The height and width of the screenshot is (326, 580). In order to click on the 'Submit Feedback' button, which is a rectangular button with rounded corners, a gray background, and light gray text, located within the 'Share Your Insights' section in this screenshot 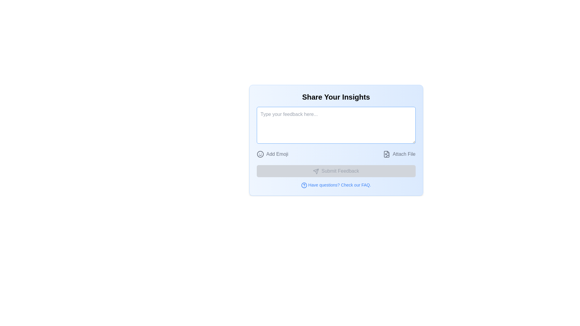, I will do `click(336, 171)`.